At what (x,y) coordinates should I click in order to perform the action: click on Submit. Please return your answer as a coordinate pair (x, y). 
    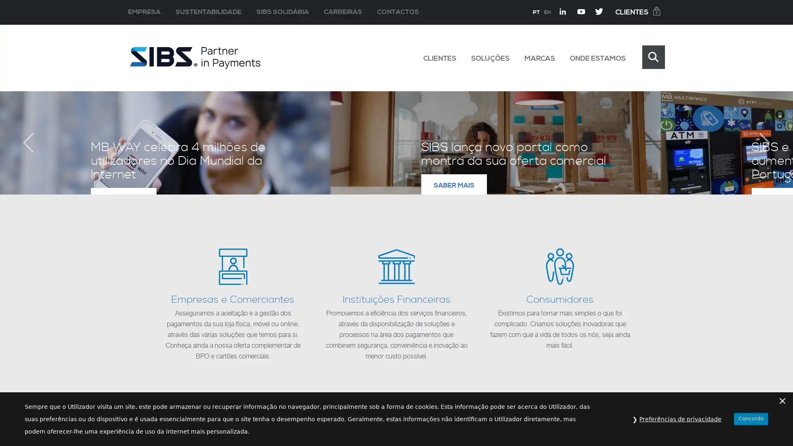
    Looking at the image, I should click on (653, 57).